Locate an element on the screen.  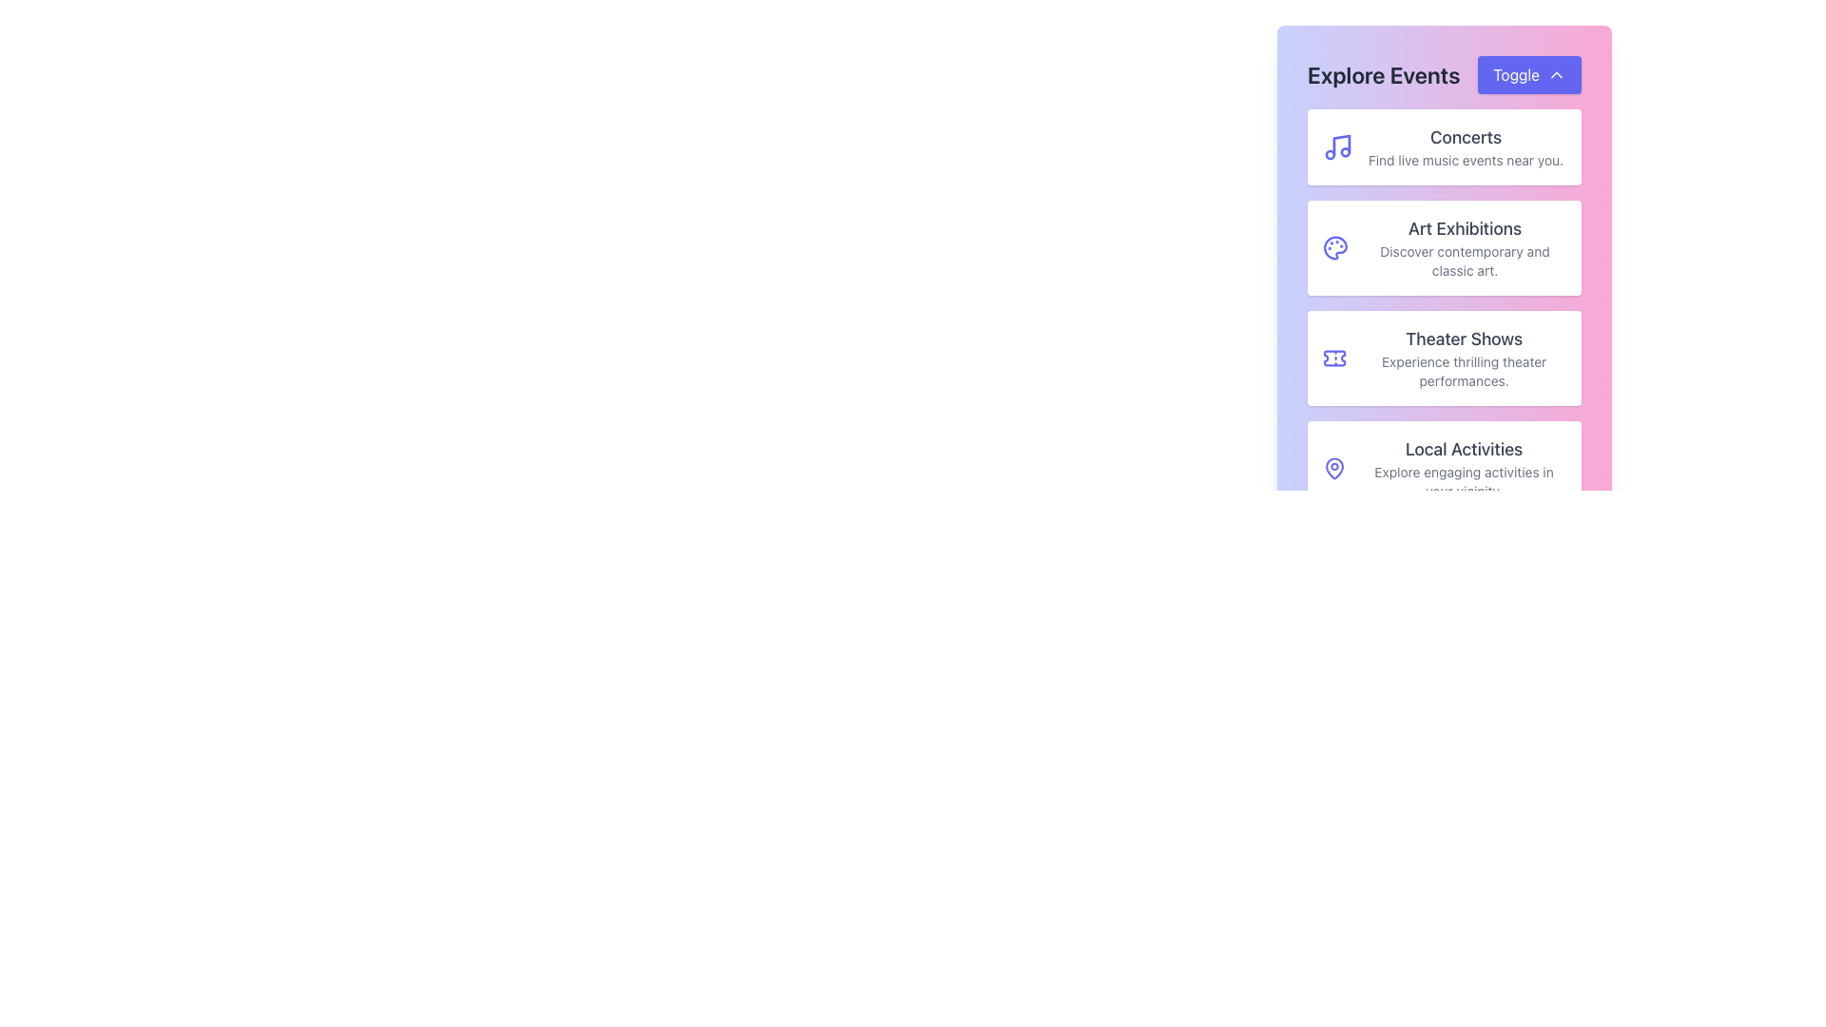
the icon in the 'Explore Events' panel that visually represents theater shows, located to the immediate left of the text label 'Theater Shows' is located at coordinates (1333, 358).